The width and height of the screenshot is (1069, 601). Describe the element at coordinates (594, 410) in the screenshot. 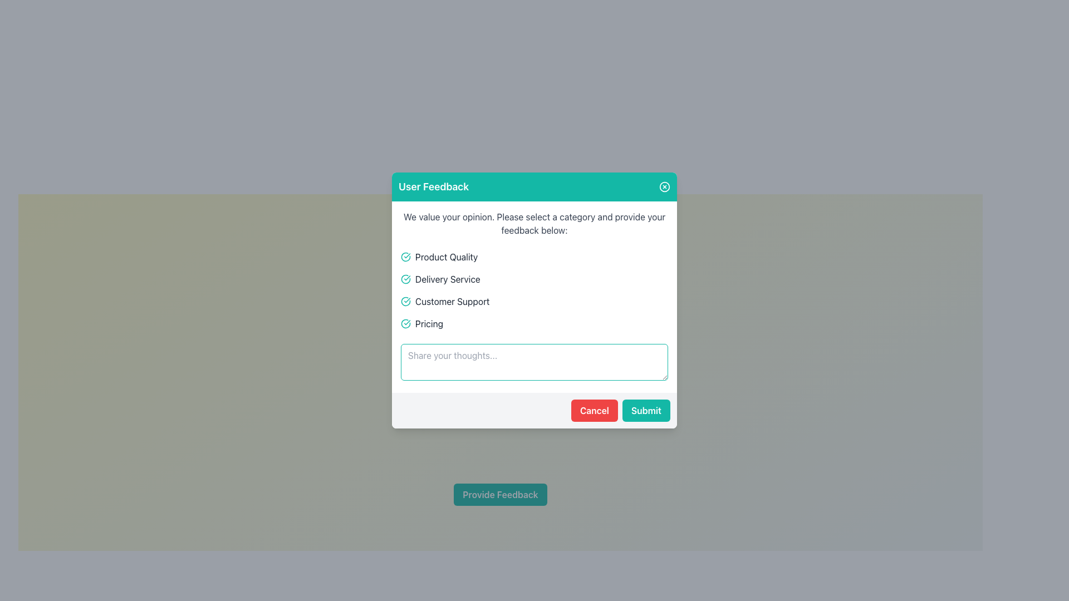

I see `the 'Cancel' button, which is a bright red button with white text, located in the lower-right section of the feedback modal window, directly to the left of the green 'Submit' button, to observe the hover effect` at that location.